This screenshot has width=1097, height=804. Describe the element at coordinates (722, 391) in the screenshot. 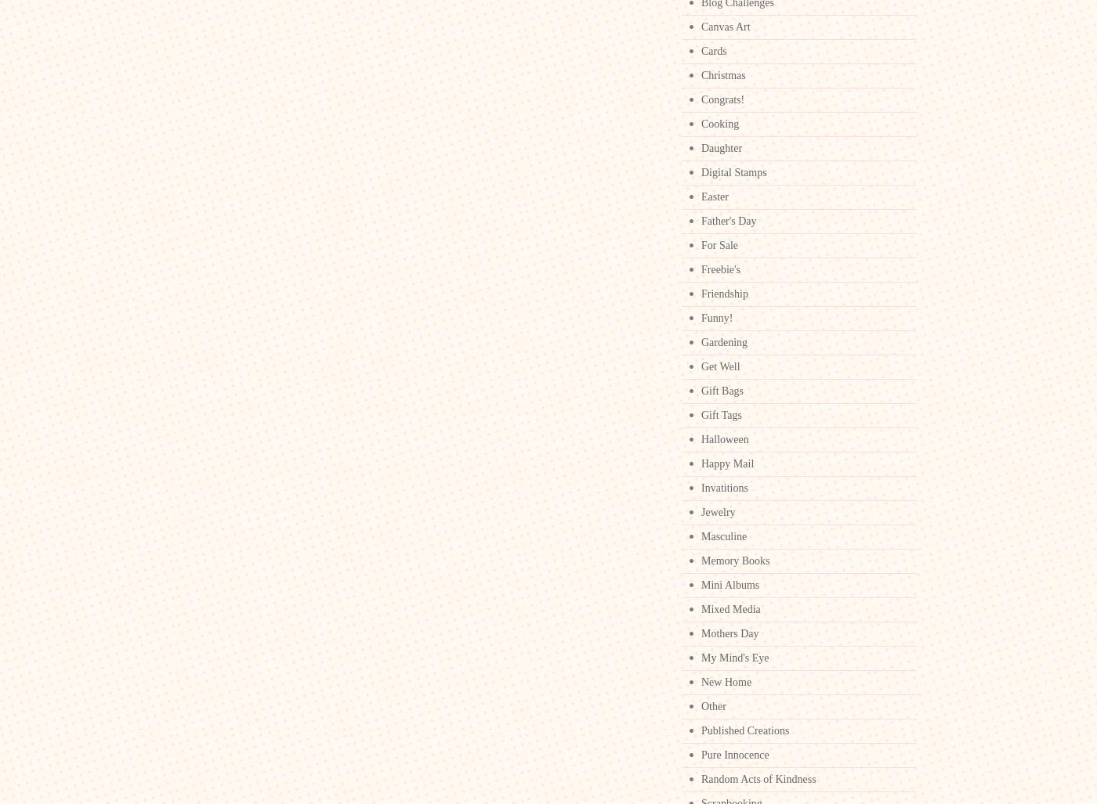

I see `'Gift Bags'` at that location.